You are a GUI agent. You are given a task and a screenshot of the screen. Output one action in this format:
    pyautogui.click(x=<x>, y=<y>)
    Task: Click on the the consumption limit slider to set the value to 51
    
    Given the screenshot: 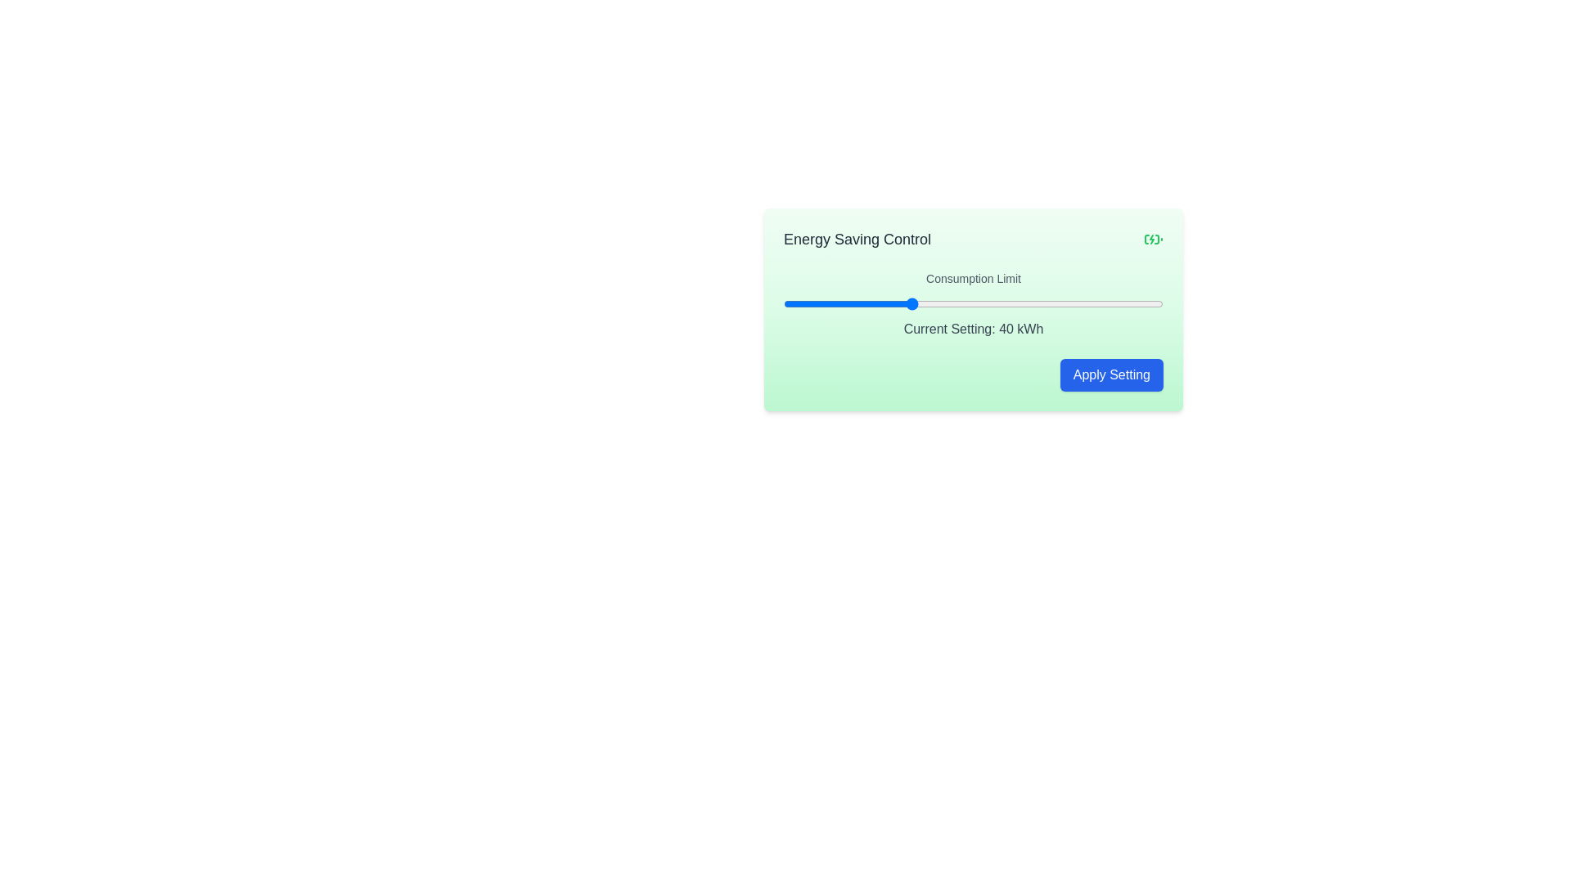 What is the action you would take?
    pyautogui.click(x=979, y=303)
    